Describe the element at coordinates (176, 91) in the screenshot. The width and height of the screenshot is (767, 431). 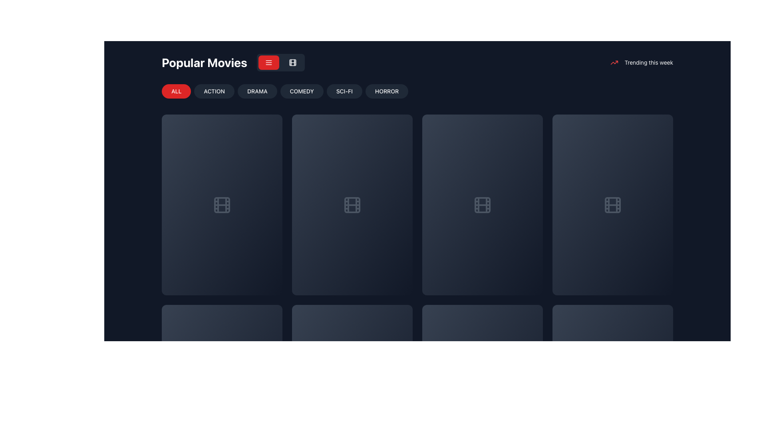
I see `the 'ALL' button with a vibrant red background and white text via keyboard navigation` at that location.